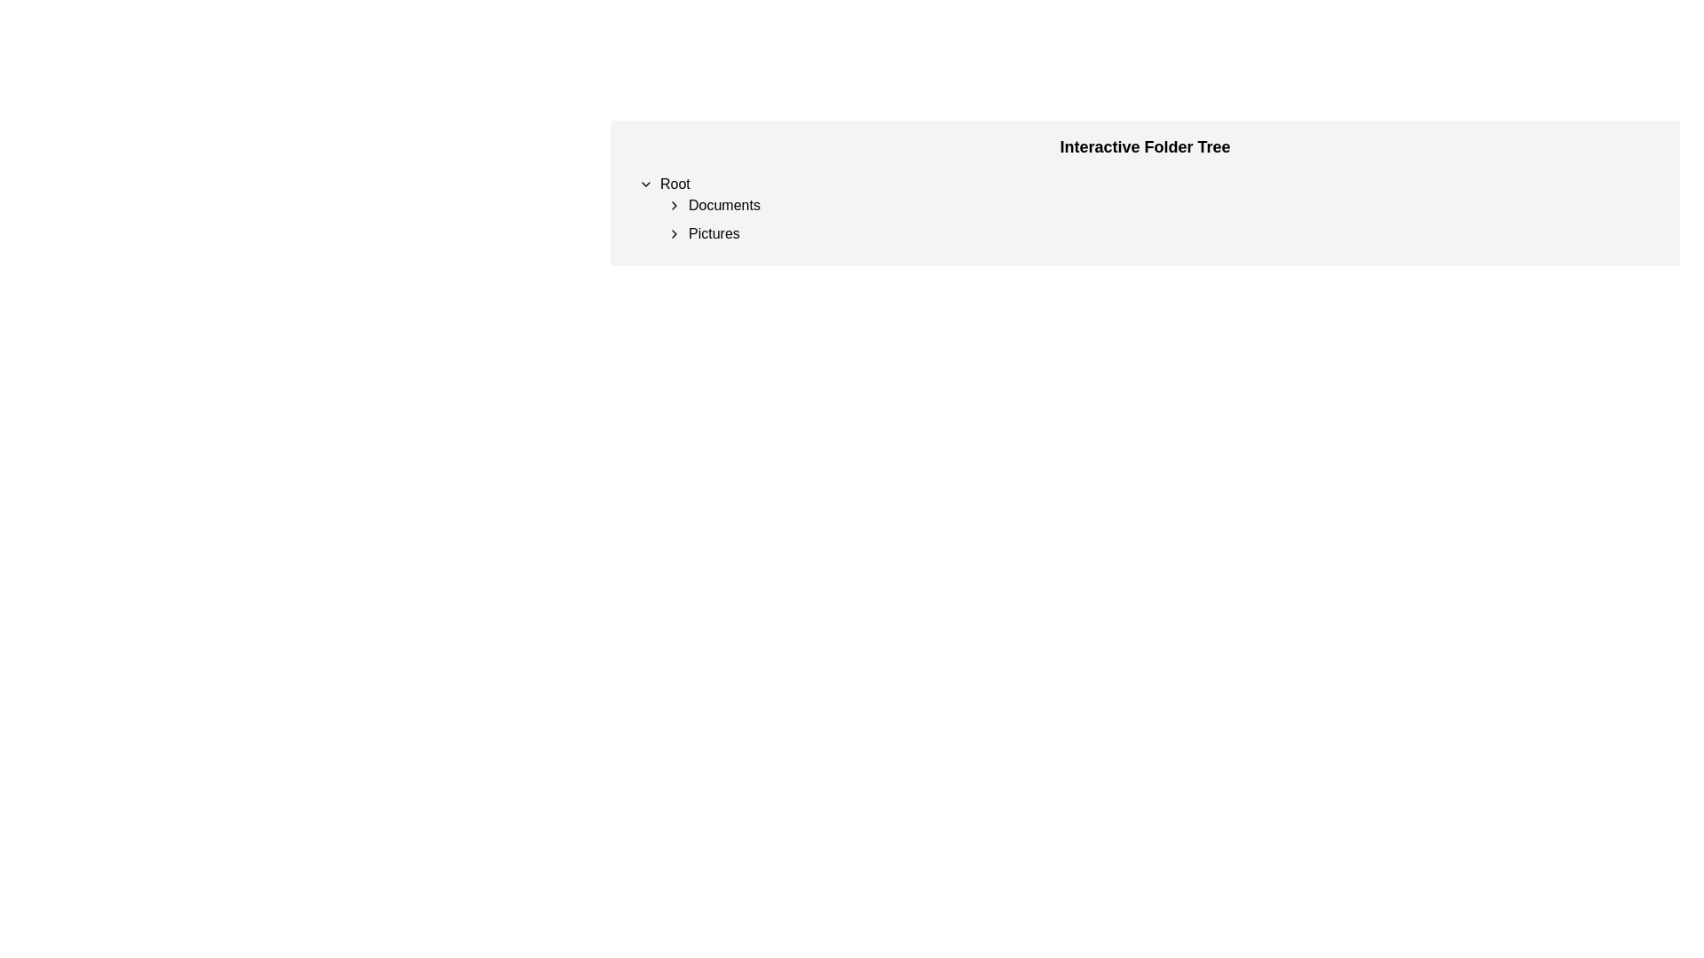  Describe the element at coordinates (673, 204) in the screenshot. I see `the Chevron icon` at that location.